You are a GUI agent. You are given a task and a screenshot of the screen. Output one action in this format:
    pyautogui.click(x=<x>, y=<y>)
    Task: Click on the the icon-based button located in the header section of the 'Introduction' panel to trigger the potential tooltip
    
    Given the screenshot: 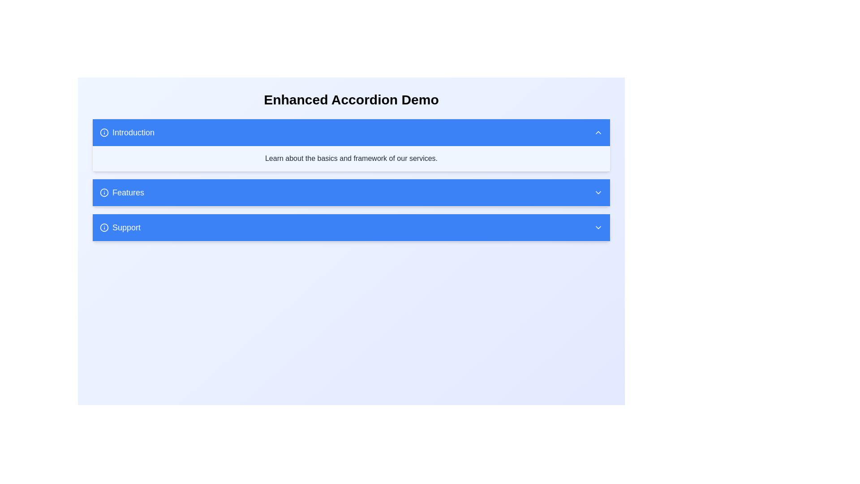 What is the action you would take?
    pyautogui.click(x=598, y=133)
    